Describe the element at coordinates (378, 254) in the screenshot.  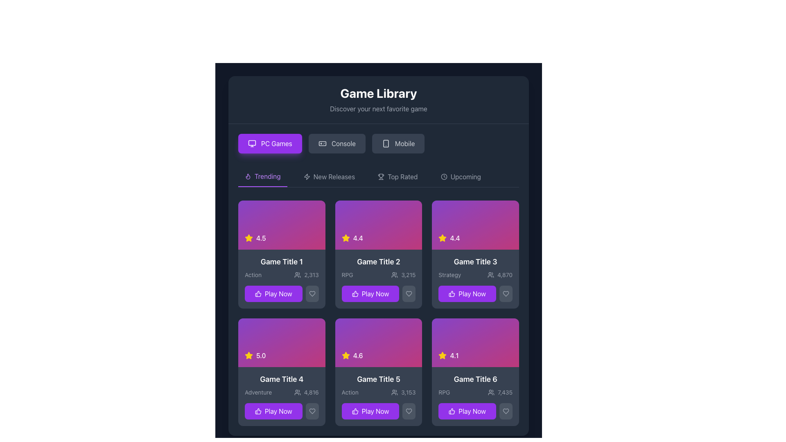
I see `the yellow star rating in the second game card` at that location.